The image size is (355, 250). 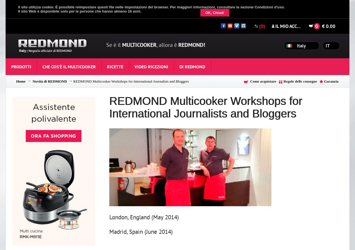 What do you see at coordinates (292, 26) in the screenshot?
I see `'Il mio account'` at bounding box center [292, 26].